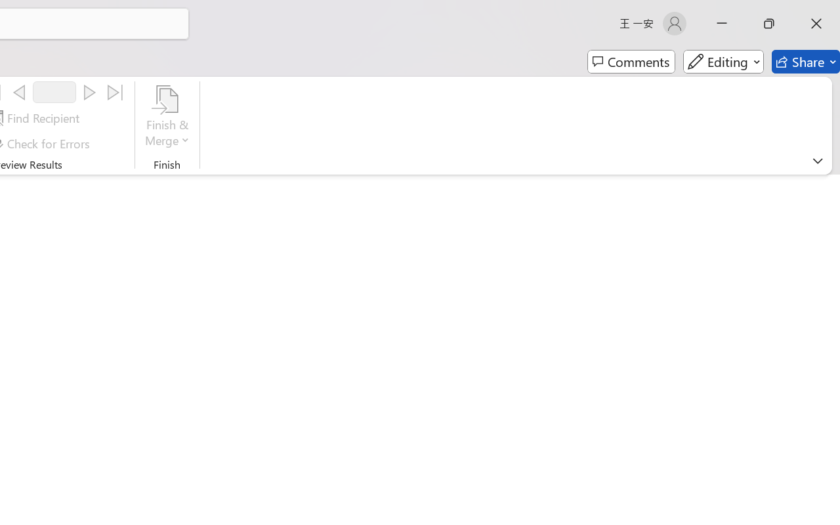 This screenshot has width=840, height=525. Describe the element at coordinates (817, 160) in the screenshot. I see `'Ribbon Display Options'` at that location.